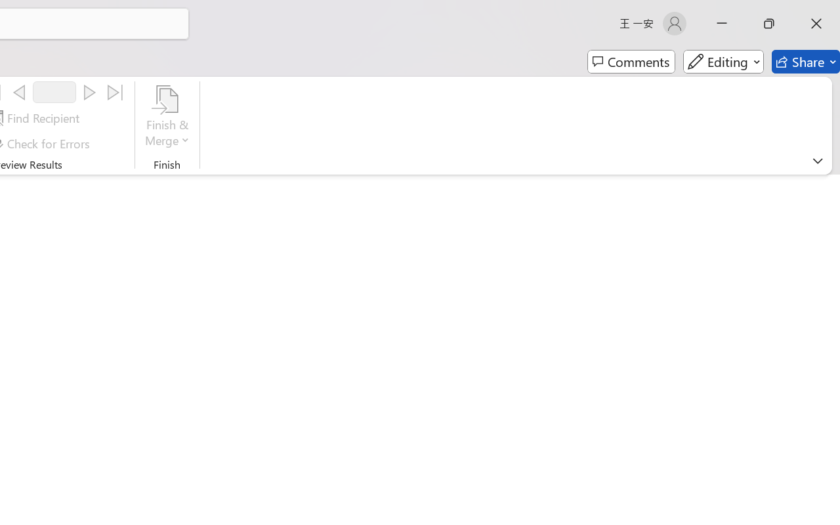 This screenshot has width=840, height=525. Describe the element at coordinates (817, 160) in the screenshot. I see `'Ribbon Display Options'` at that location.